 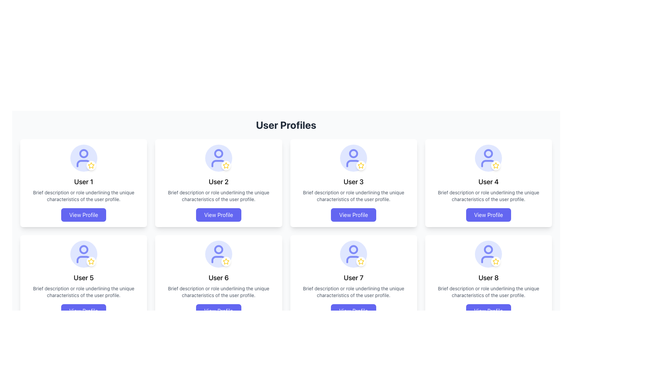 What do you see at coordinates (91, 261) in the screenshot?
I see `the golden-yellow outlined star icon located within the white circular background at the bottom-right corner of the card for 'User 5' to interact with it` at bounding box center [91, 261].